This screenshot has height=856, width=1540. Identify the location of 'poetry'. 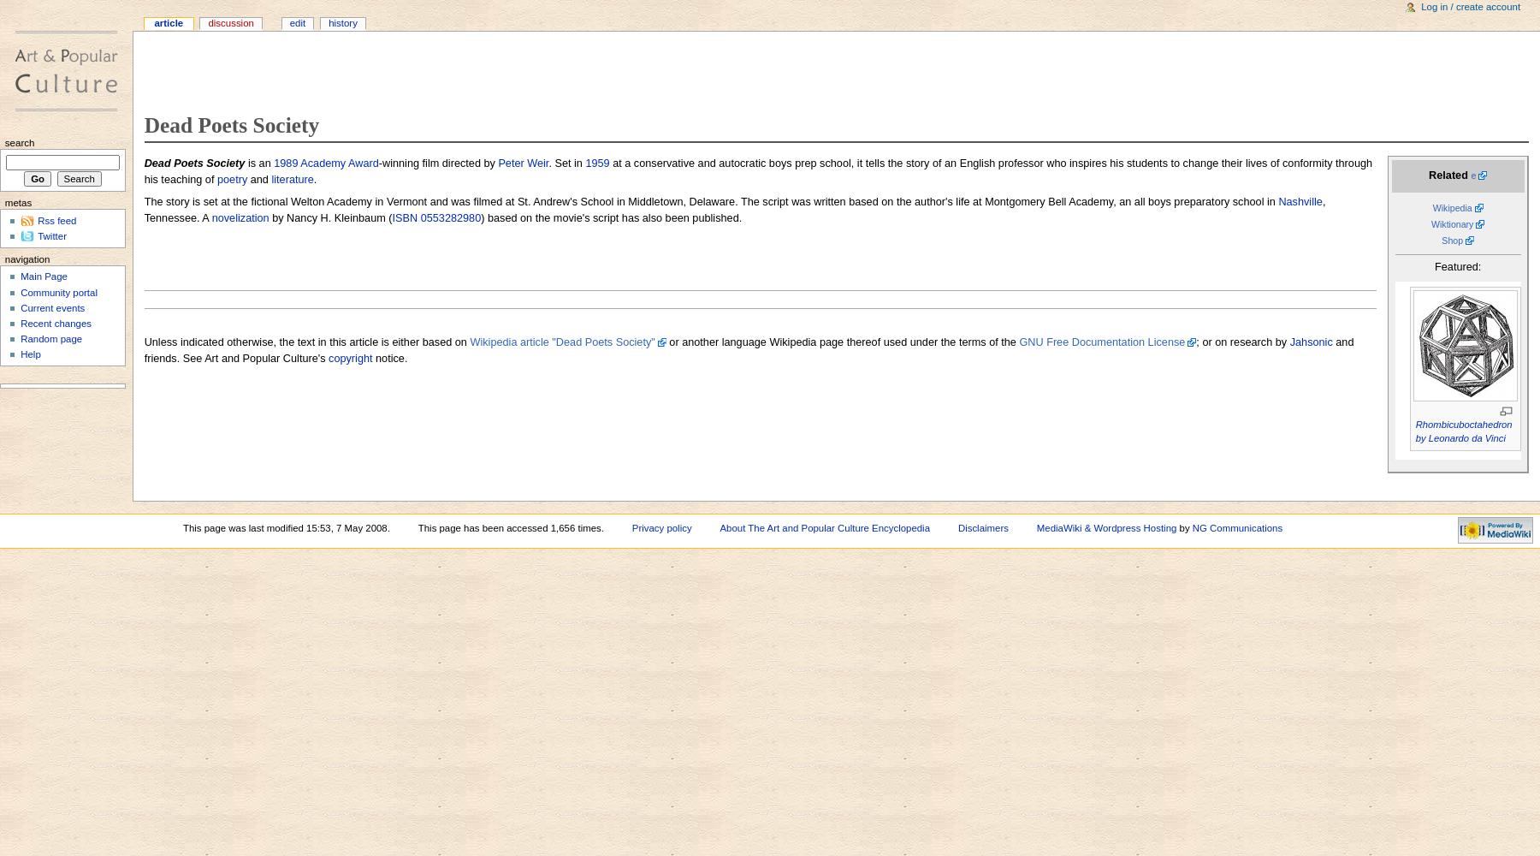
(231, 179).